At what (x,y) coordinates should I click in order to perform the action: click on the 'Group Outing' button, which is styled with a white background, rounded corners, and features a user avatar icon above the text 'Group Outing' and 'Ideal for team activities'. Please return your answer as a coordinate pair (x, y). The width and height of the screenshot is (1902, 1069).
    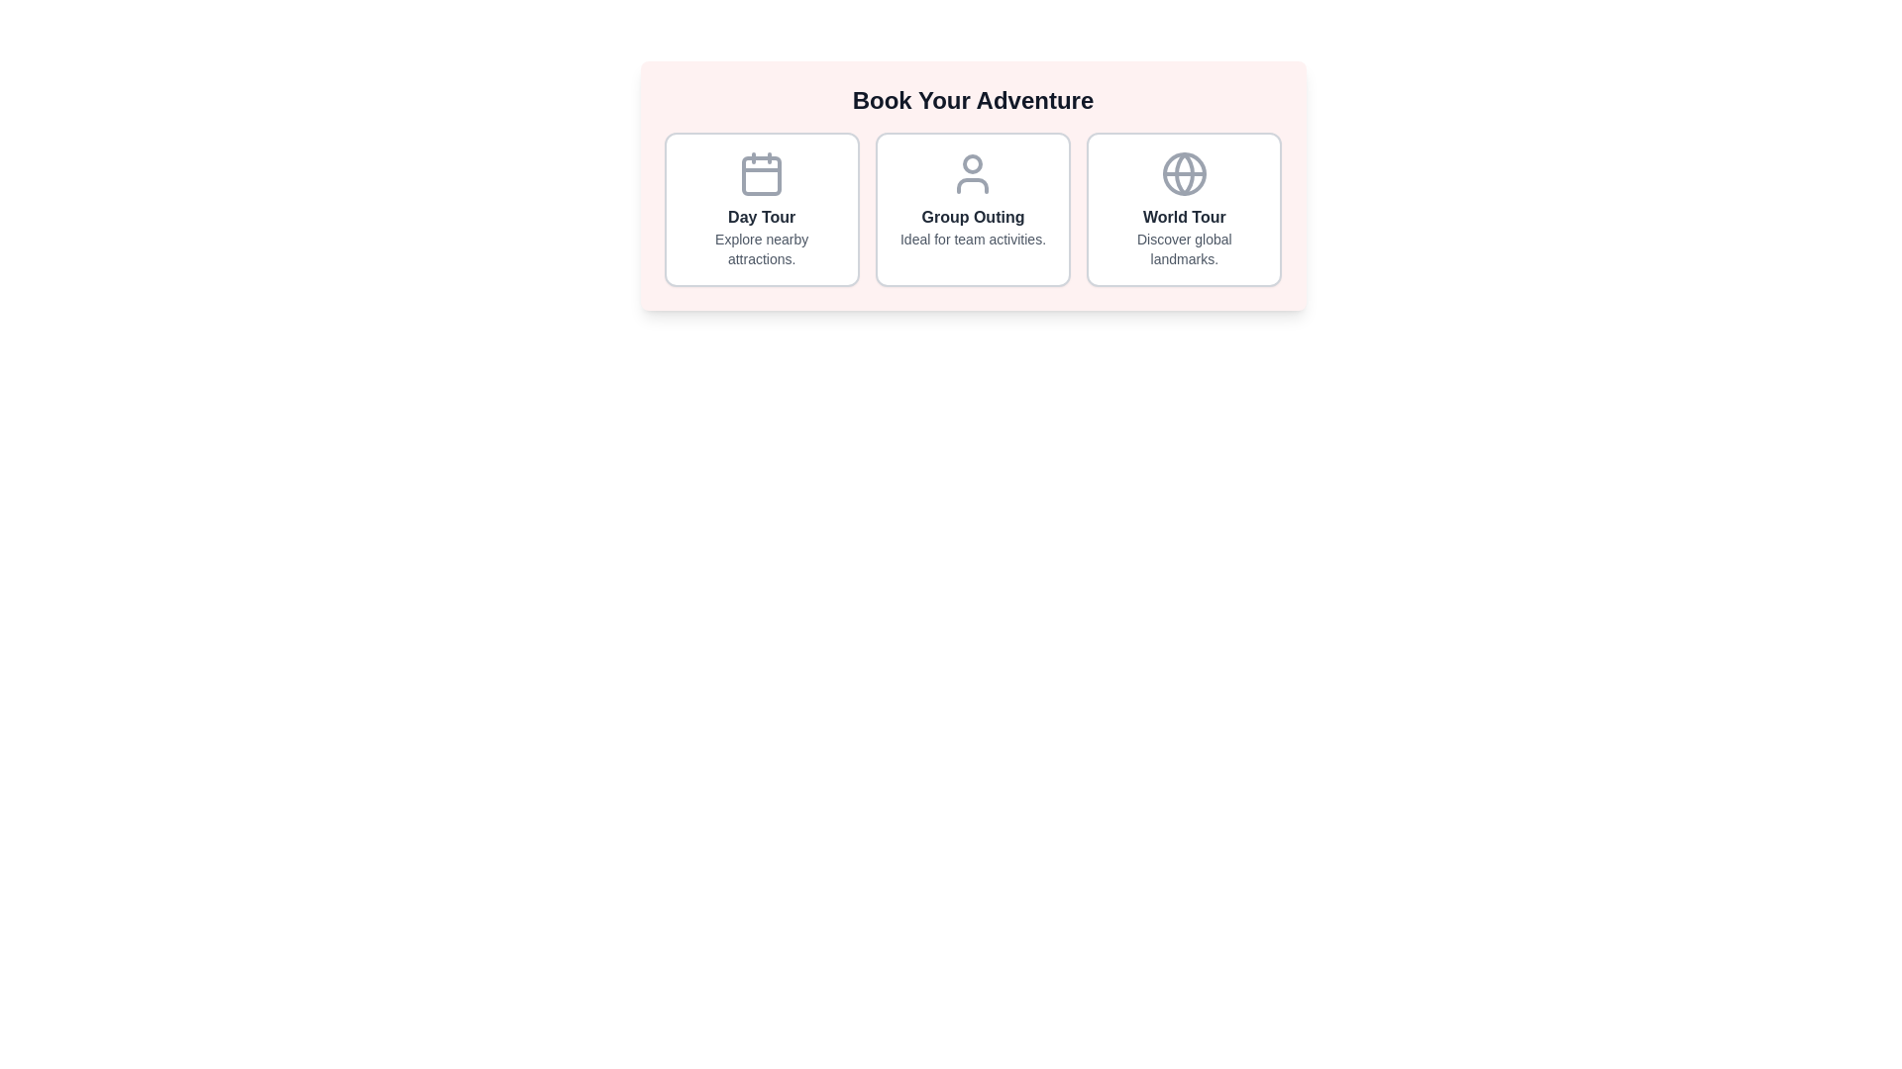
    Looking at the image, I should click on (973, 210).